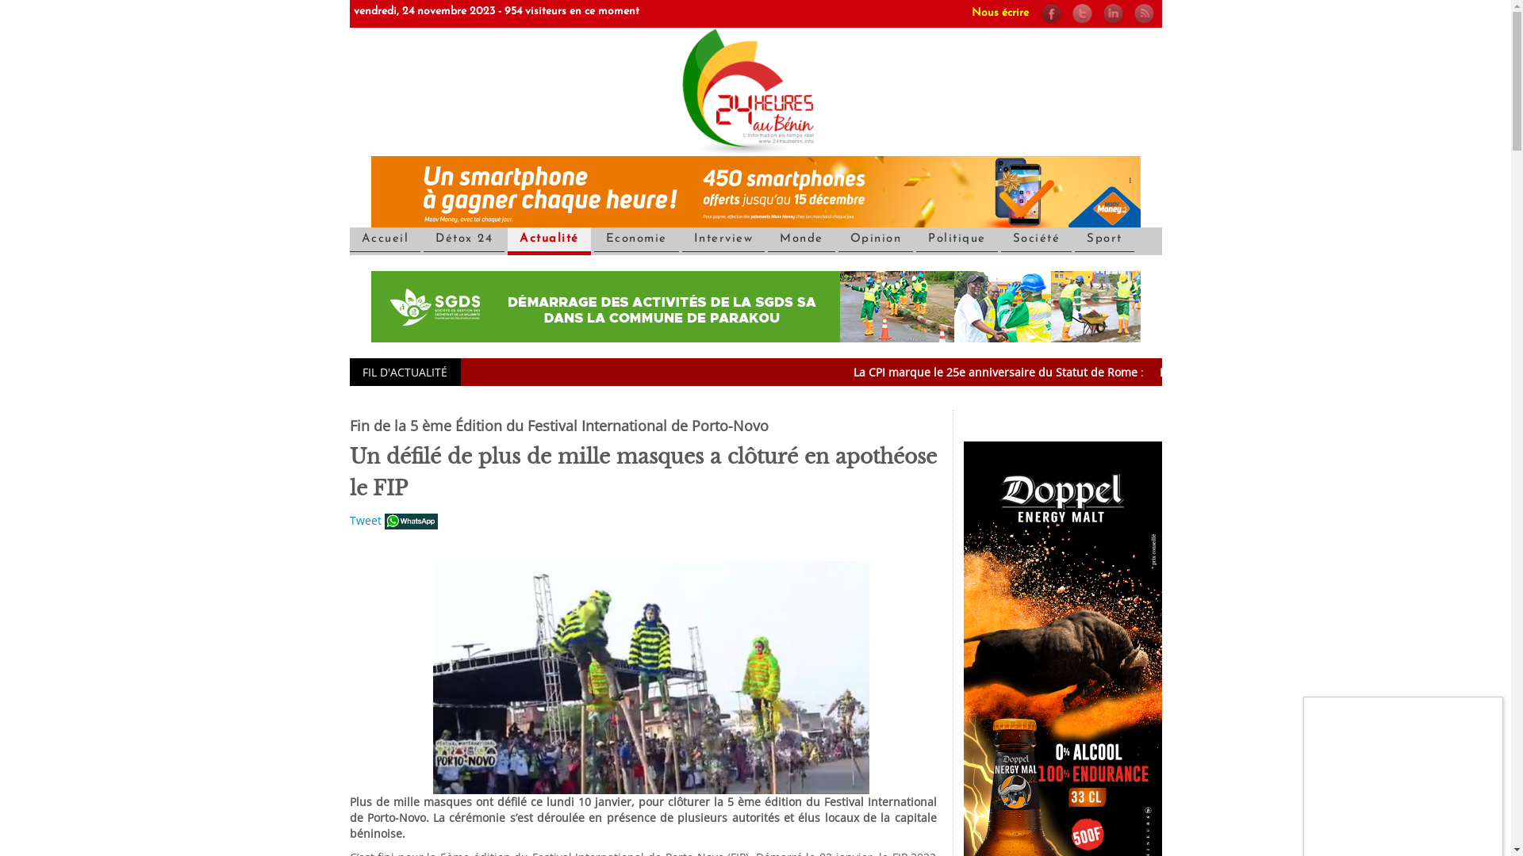  Describe the element at coordinates (768, 239) in the screenshot. I see `'Monde'` at that location.